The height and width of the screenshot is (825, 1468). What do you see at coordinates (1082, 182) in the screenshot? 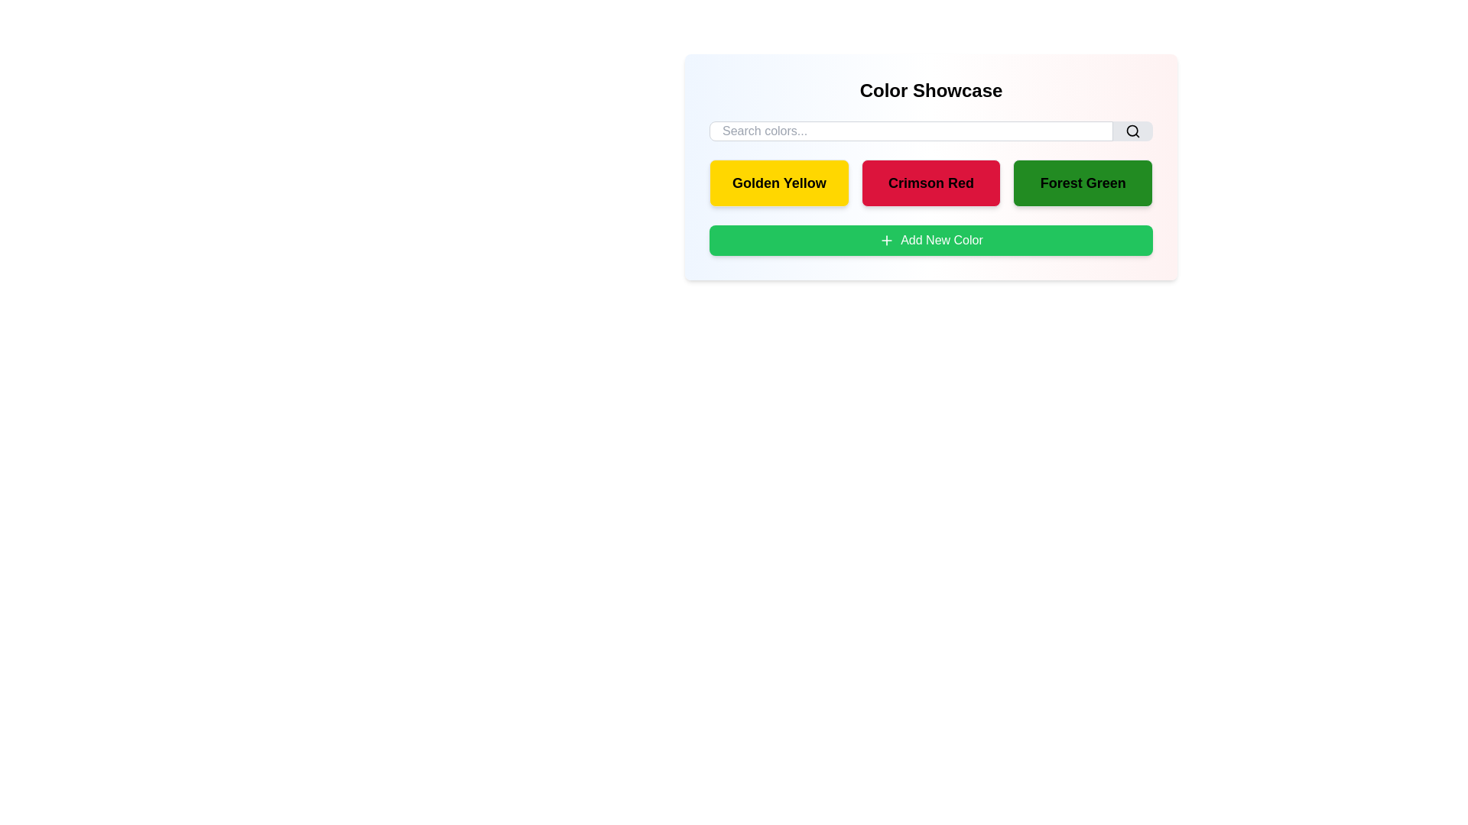
I see `the Forest Green button, which is a rectangular button with a forest green background and bold text reading 'Forest Green'` at bounding box center [1082, 182].